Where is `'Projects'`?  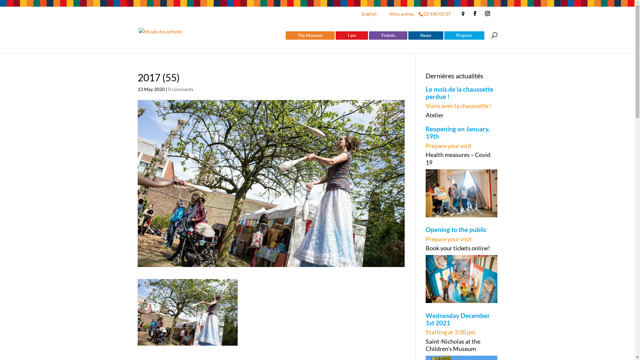
'Projects' is located at coordinates (464, 35).